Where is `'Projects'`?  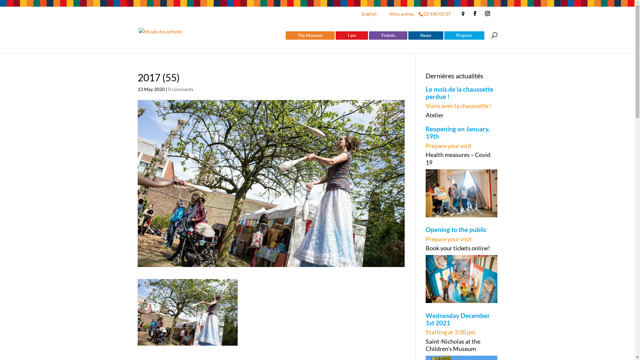
'Projects' is located at coordinates (464, 35).